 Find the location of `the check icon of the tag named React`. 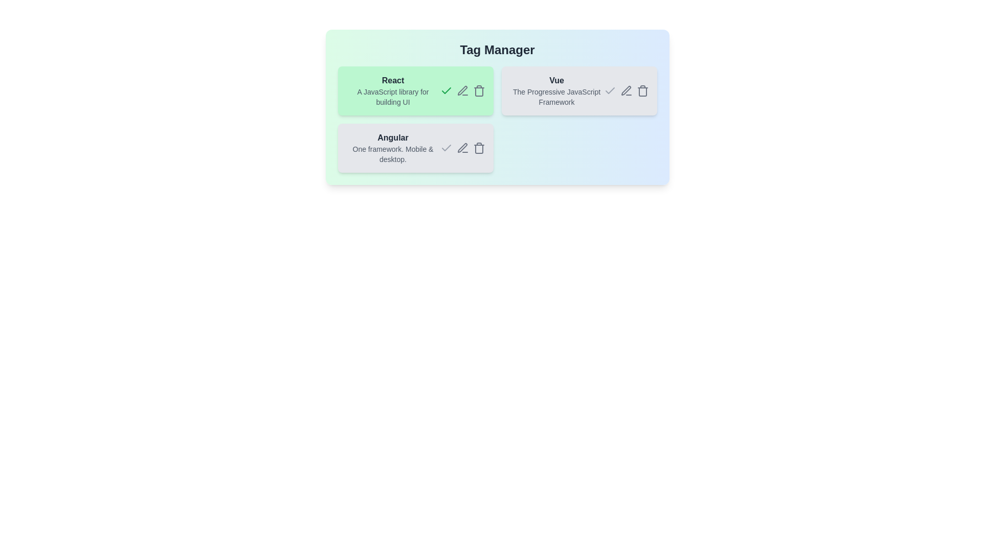

the check icon of the tag named React is located at coordinates (446, 90).